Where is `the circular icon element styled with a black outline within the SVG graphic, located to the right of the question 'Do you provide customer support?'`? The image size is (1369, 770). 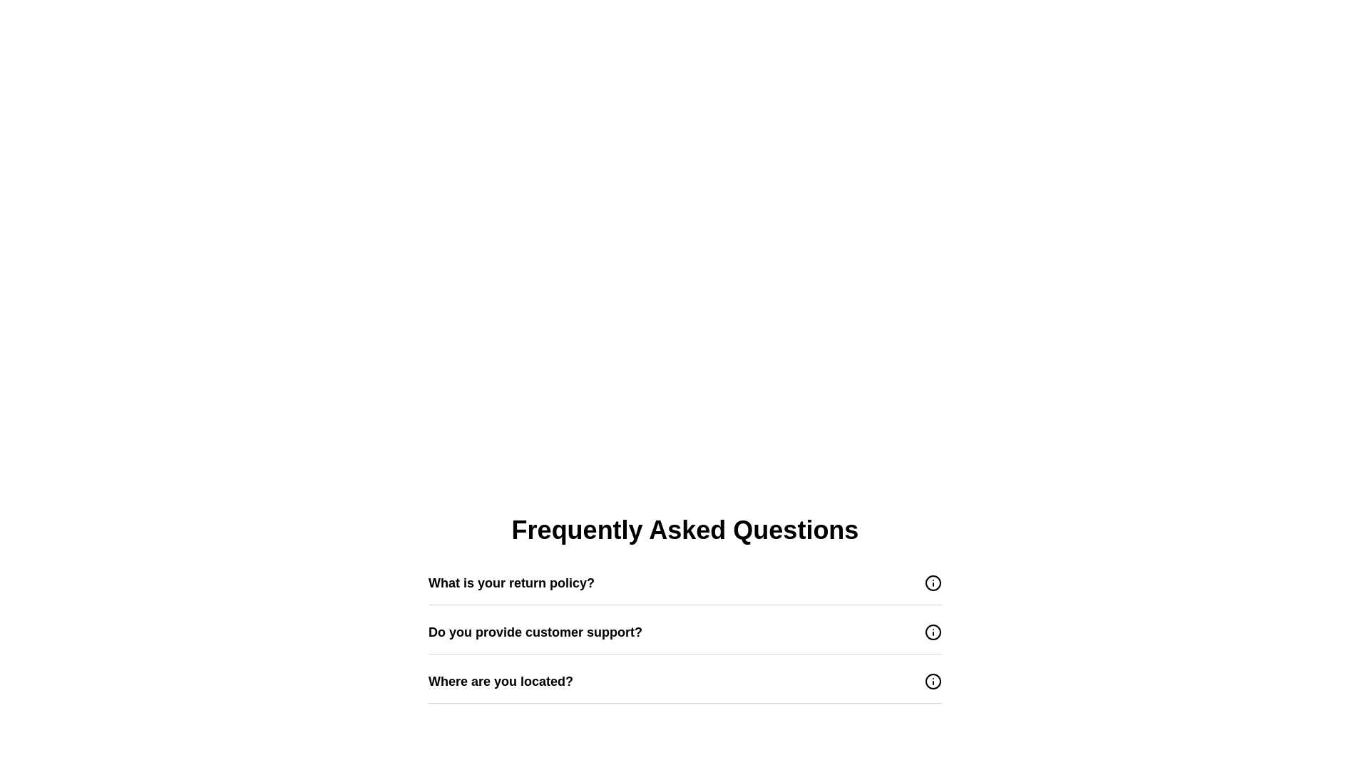 the circular icon element styled with a black outline within the SVG graphic, located to the right of the question 'Do you provide customer support?' is located at coordinates (933, 632).